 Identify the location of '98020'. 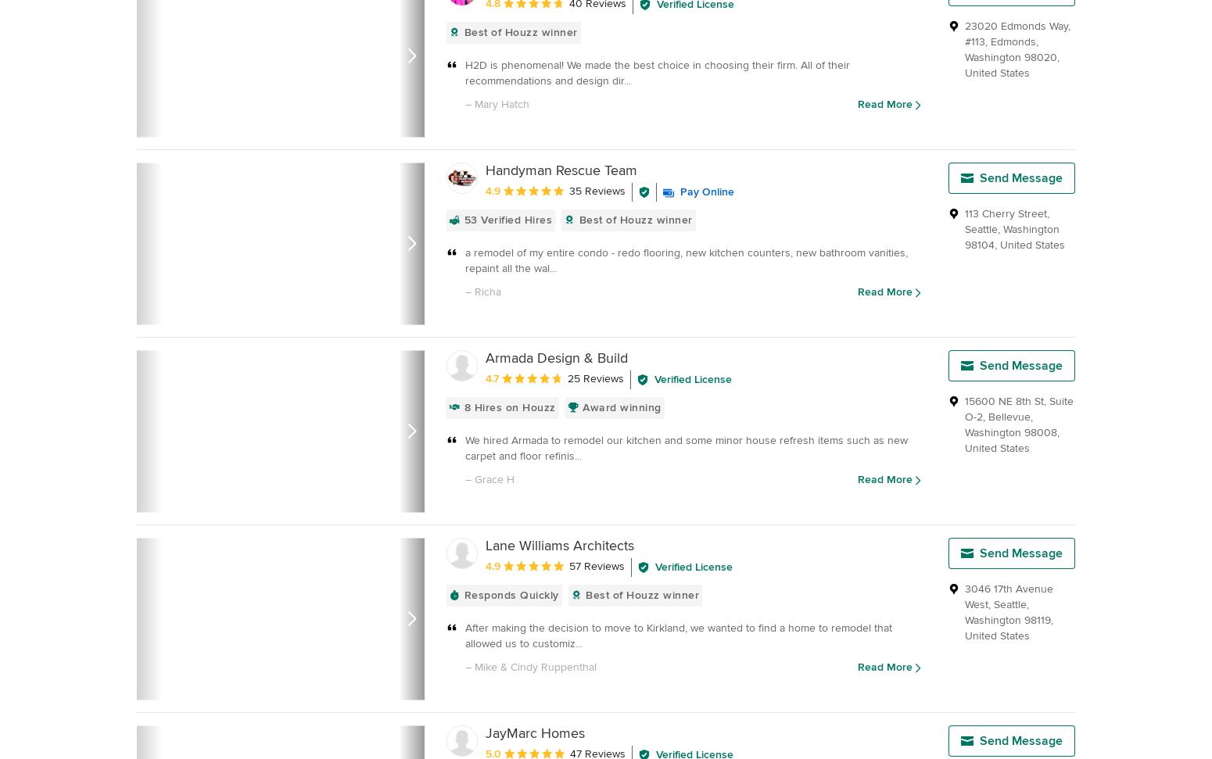
(1040, 56).